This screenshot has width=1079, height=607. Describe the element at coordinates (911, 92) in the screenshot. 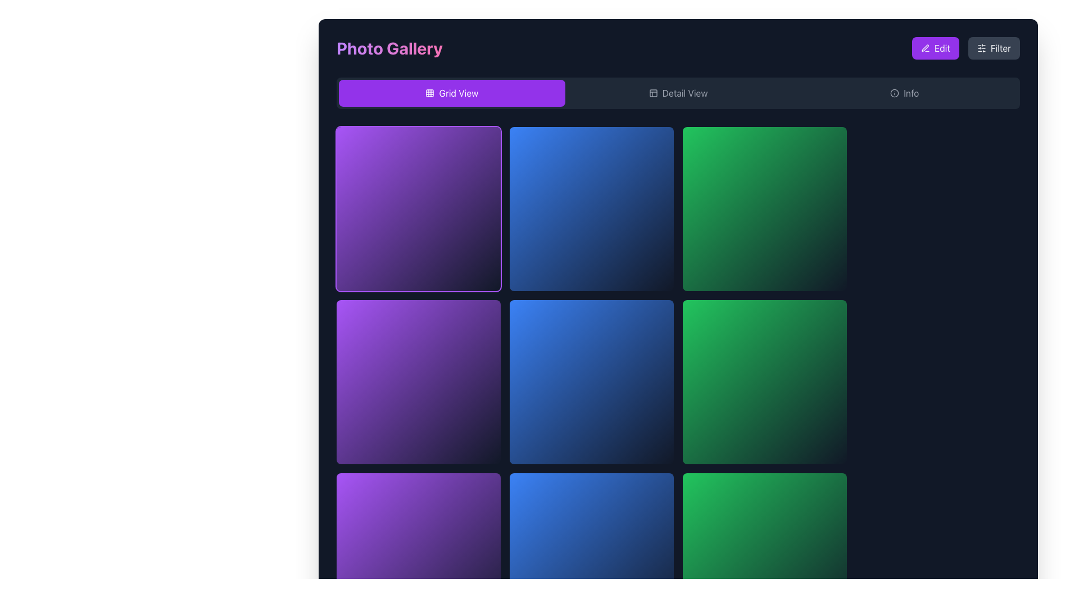

I see `text label located near the top right of the interface, adjacent to the small icon on its left` at that location.